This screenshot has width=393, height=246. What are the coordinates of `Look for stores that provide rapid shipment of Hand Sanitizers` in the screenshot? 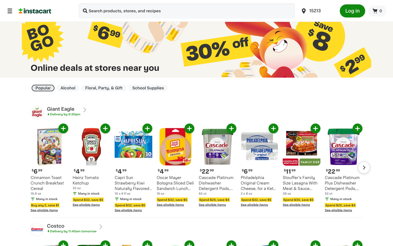 It's located at (85, 11).